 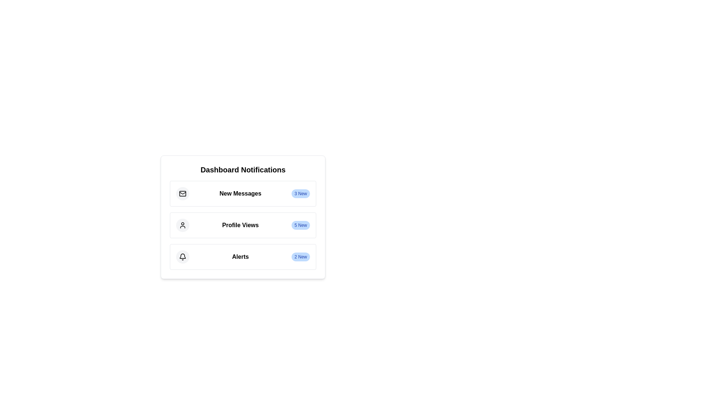 What do you see at coordinates (240, 225) in the screenshot?
I see `the 'Profile Views' text label located in the middle row of the 'Dashboard Notifications' card, which is the second entry in the list, positioned below 'New Messages' and above 'Alerts'` at bounding box center [240, 225].